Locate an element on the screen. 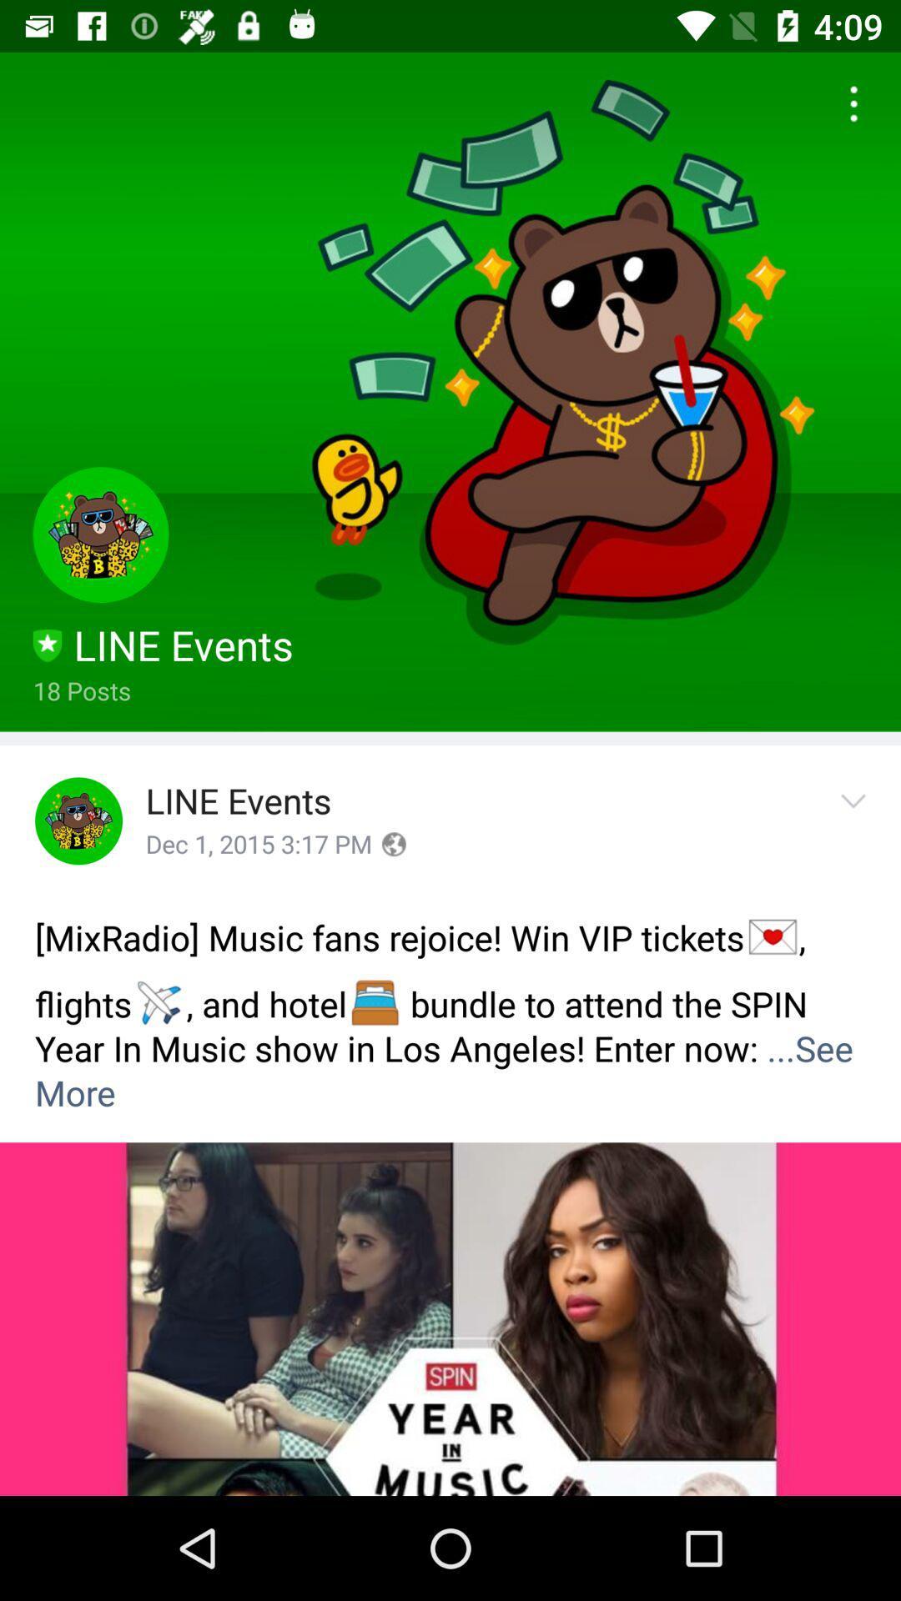 Image resolution: width=901 pixels, height=1601 pixels. the first profile image is located at coordinates (101, 535).